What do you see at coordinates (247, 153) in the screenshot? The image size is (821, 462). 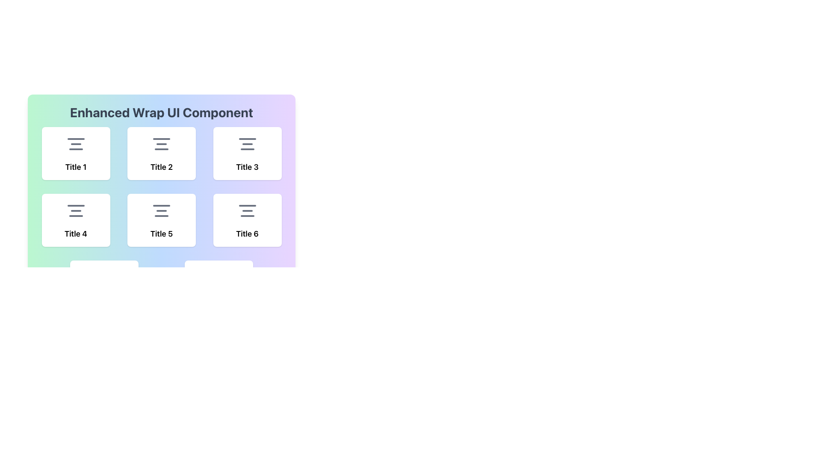 I see `the interactive card with a white background, rounded corners, and 'Title 3' text, located in the first row and third column of the grid layout` at bounding box center [247, 153].